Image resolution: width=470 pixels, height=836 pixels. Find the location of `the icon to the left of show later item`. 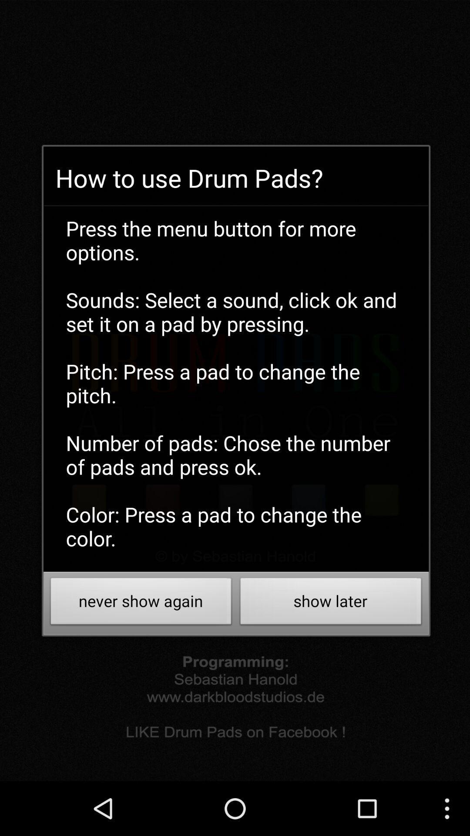

the icon to the left of show later item is located at coordinates (141, 603).